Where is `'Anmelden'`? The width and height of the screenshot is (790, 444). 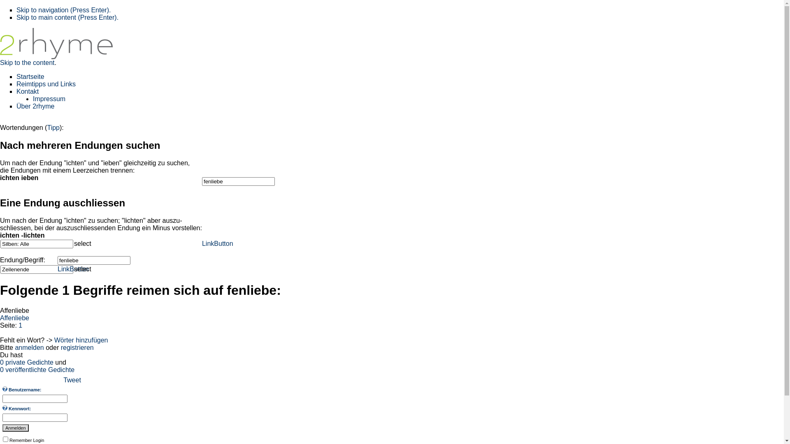
'Anmelden' is located at coordinates (16, 428).